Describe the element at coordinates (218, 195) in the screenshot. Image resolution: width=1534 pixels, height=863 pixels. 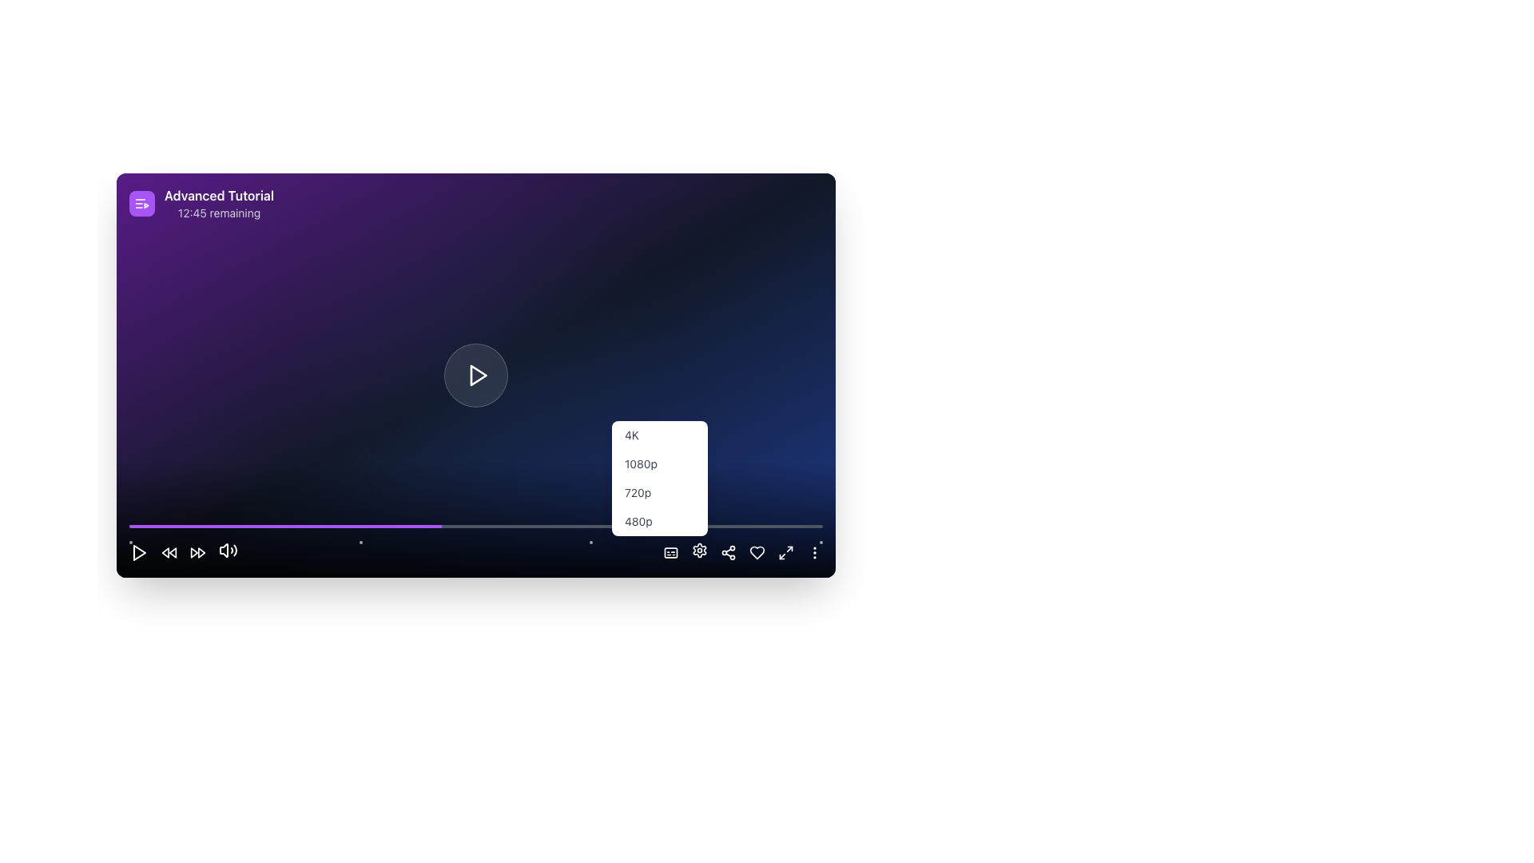
I see `the text label that serves as a title or descriptive label for the content, located in the top-left corner of the application interface above the smaller text displaying '12:45 remaining'` at that location.